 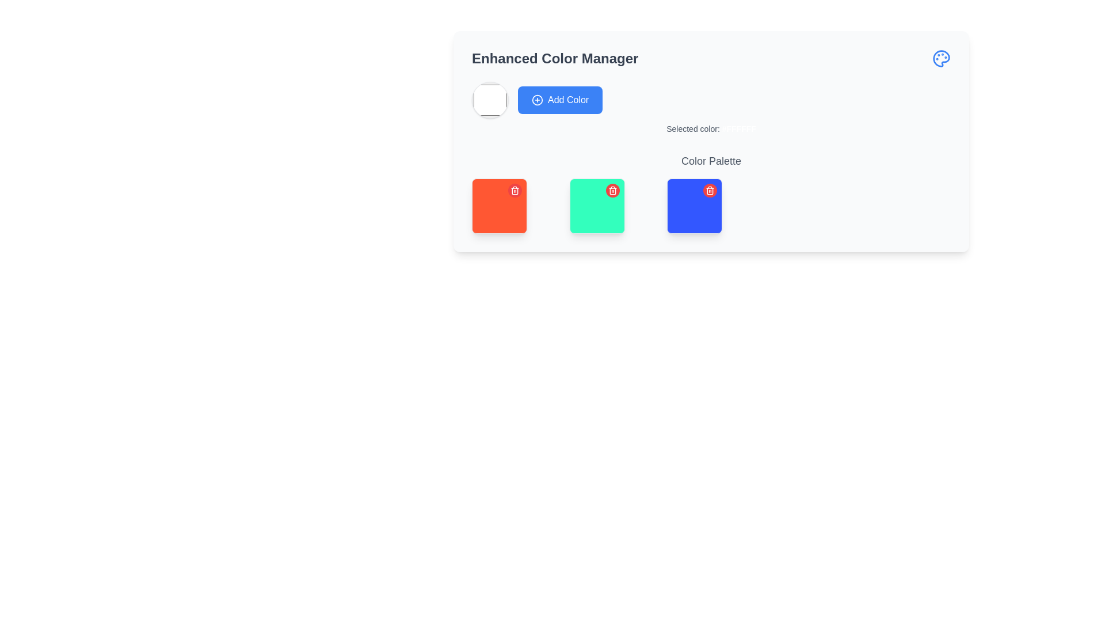 What do you see at coordinates (537, 99) in the screenshot?
I see `the decorative circle element that is part of the SVG icon, located near the 'Add Color' button` at bounding box center [537, 99].